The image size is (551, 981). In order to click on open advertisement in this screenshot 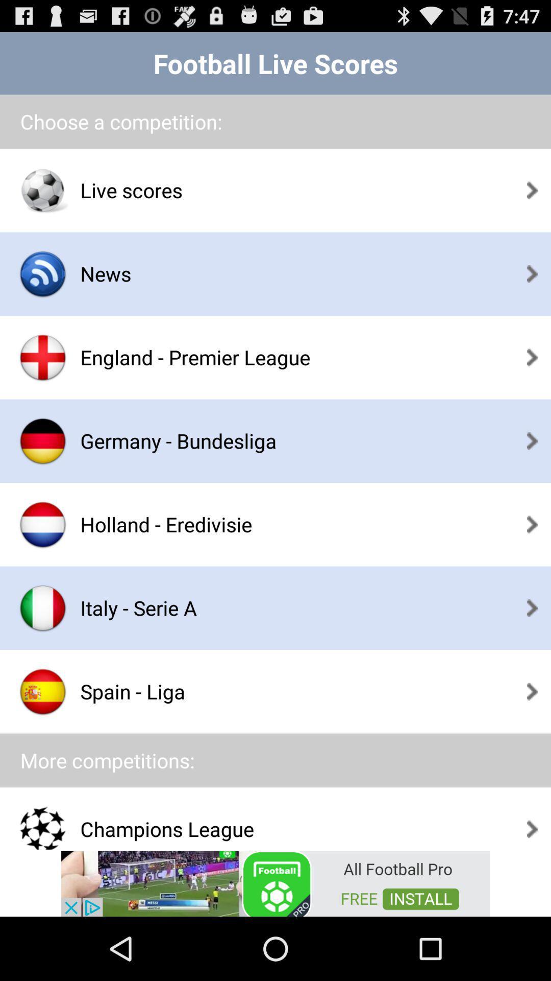, I will do `click(275, 882)`.